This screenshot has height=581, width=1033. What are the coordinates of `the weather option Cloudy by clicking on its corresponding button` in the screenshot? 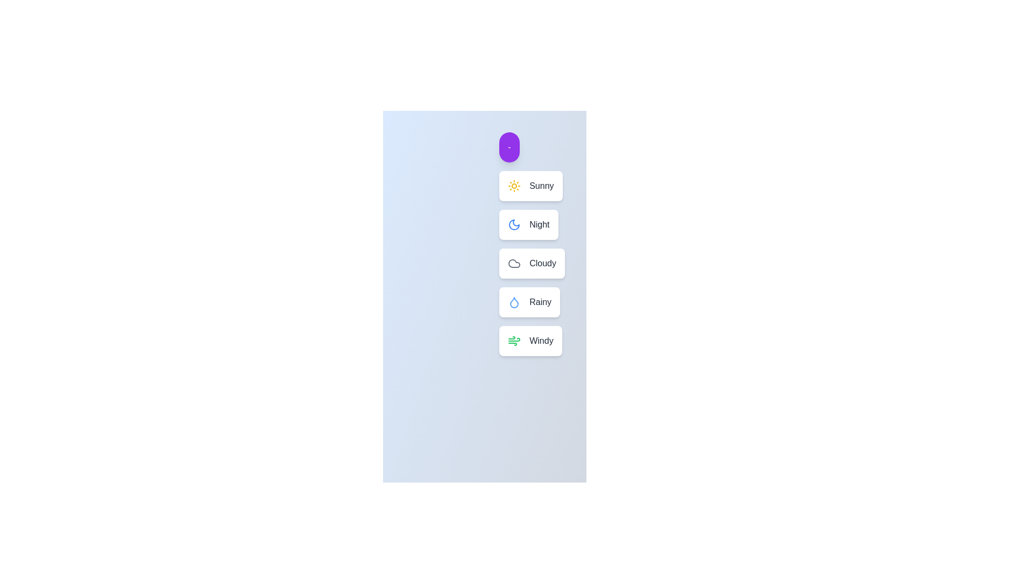 It's located at (532, 263).